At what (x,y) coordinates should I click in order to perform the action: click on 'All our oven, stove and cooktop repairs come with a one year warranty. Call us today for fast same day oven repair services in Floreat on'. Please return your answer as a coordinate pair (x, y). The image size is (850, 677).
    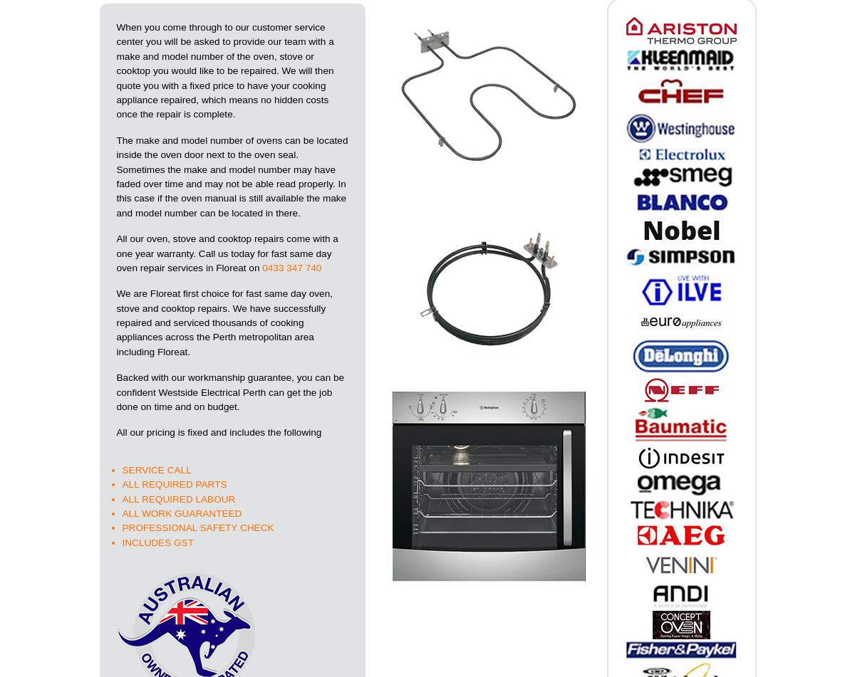
    Looking at the image, I should click on (226, 253).